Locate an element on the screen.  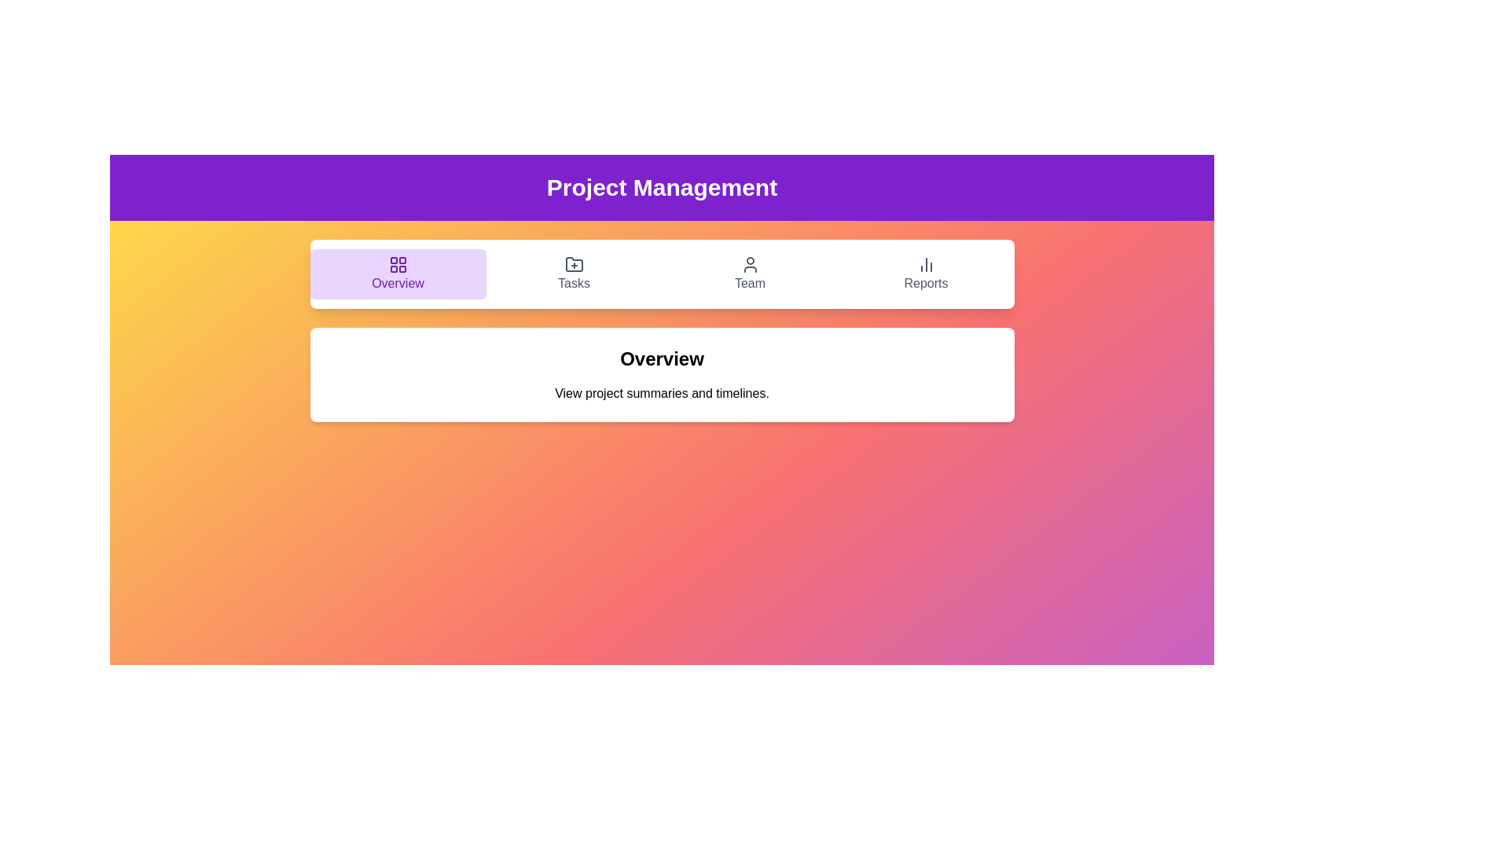
the tab labeled Team to navigate to the corresponding section is located at coordinates (749, 273).